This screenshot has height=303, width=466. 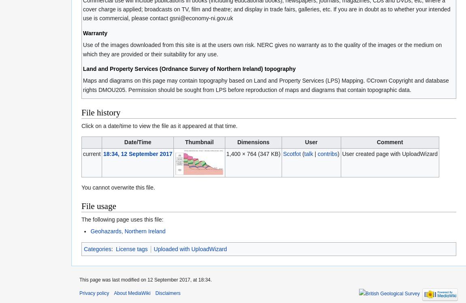 What do you see at coordinates (97, 248) in the screenshot?
I see `'Categories'` at bounding box center [97, 248].